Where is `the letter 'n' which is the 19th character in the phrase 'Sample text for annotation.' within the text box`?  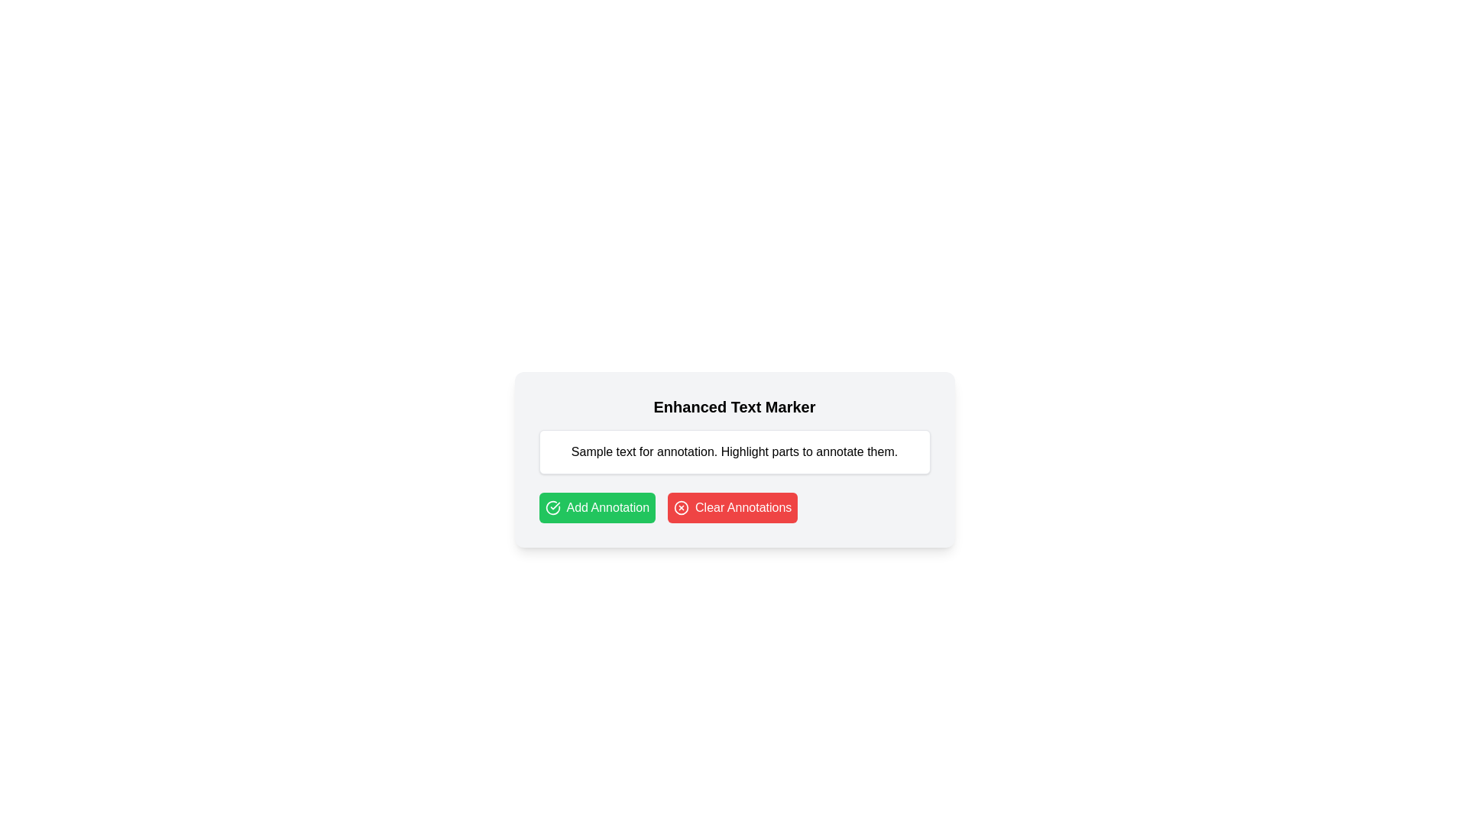
the letter 'n' which is the 19th character in the phrase 'Sample text for annotation.' within the text box is located at coordinates (673, 451).